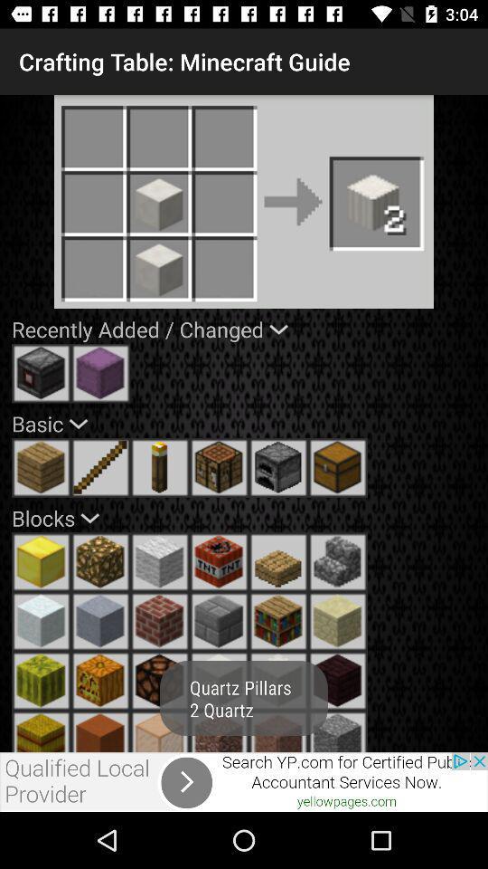  Describe the element at coordinates (219, 731) in the screenshot. I see `pick this block` at that location.